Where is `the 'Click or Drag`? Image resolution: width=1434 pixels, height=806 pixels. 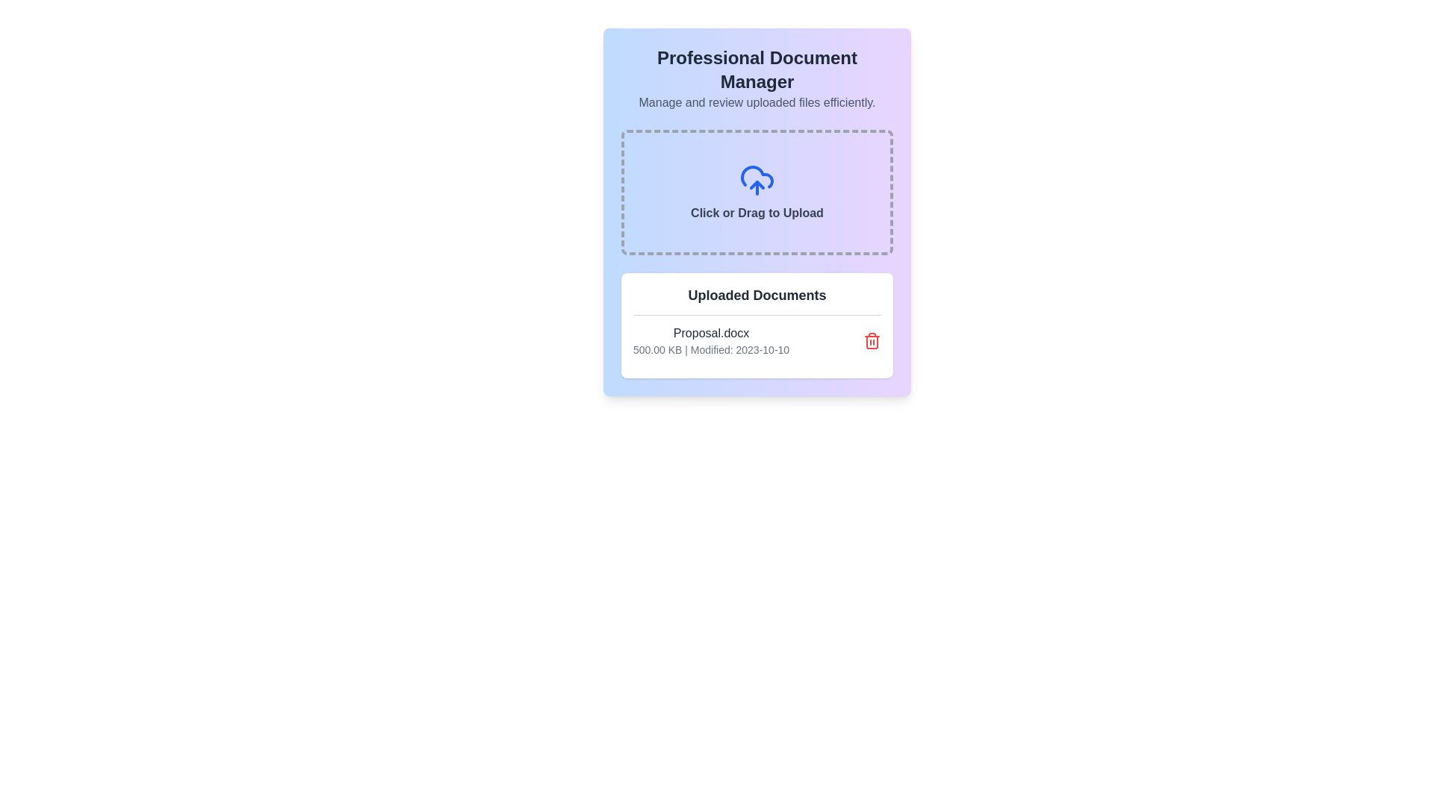 the 'Click or Drag is located at coordinates (757, 213).